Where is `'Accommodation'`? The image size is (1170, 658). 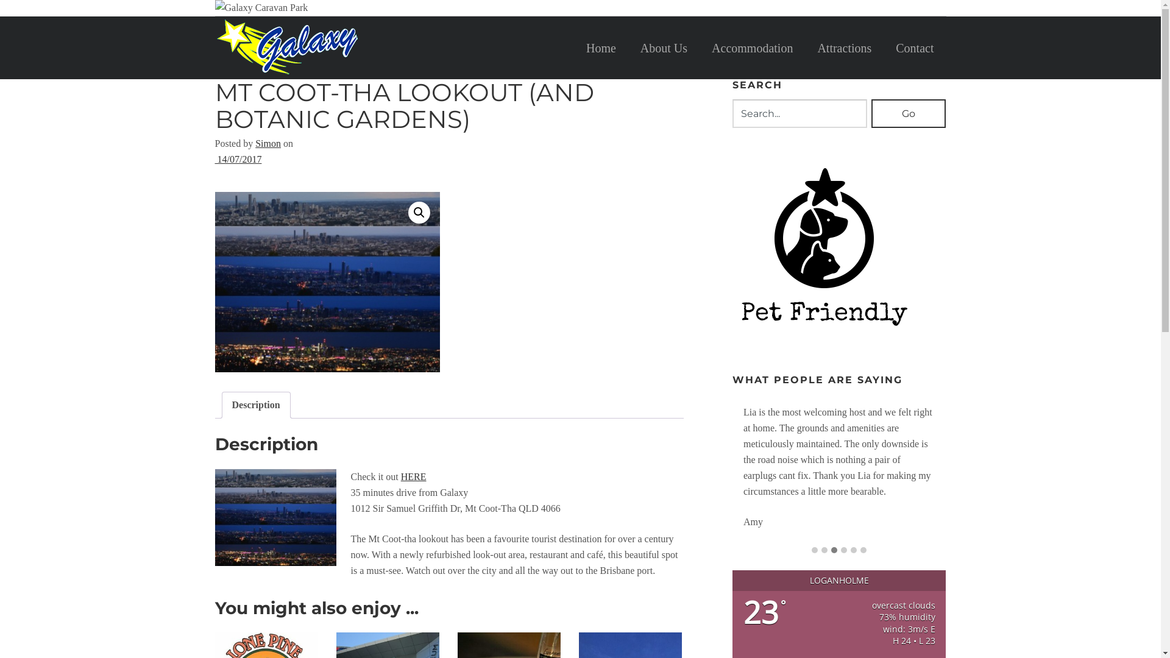 'Accommodation' is located at coordinates (751, 46).